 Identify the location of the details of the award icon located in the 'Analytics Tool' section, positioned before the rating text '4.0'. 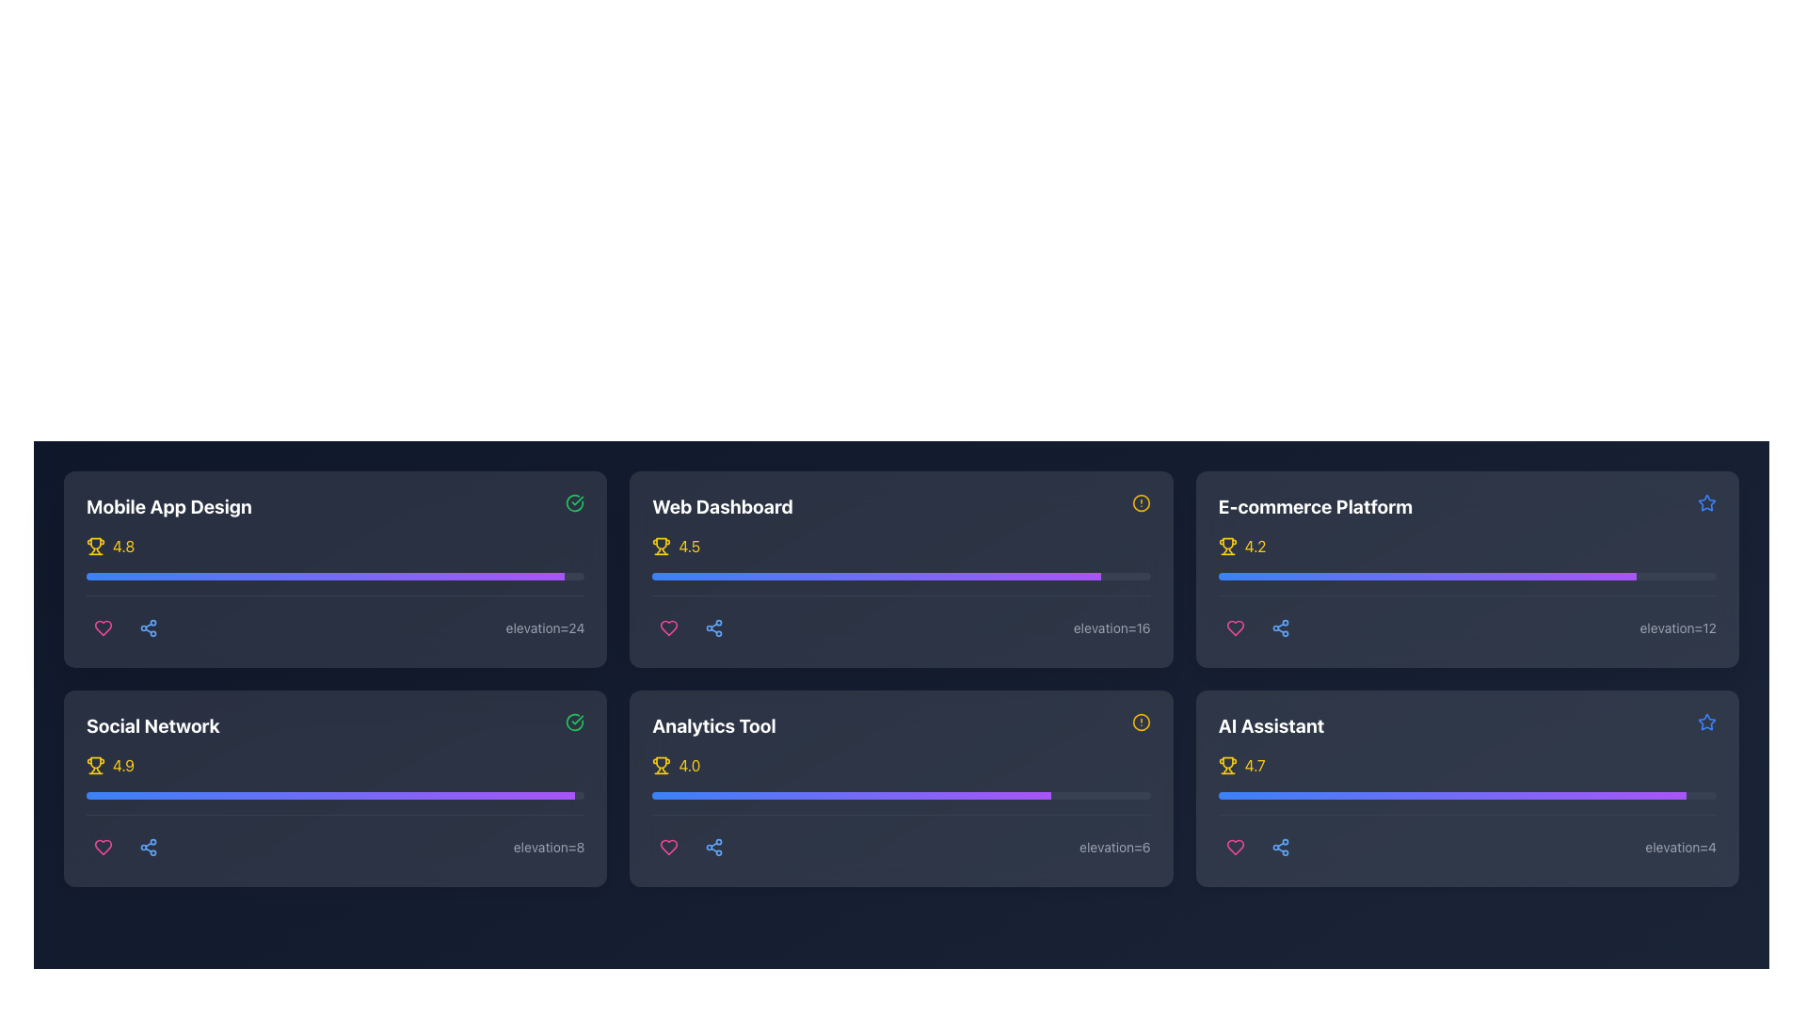
(662, 765).